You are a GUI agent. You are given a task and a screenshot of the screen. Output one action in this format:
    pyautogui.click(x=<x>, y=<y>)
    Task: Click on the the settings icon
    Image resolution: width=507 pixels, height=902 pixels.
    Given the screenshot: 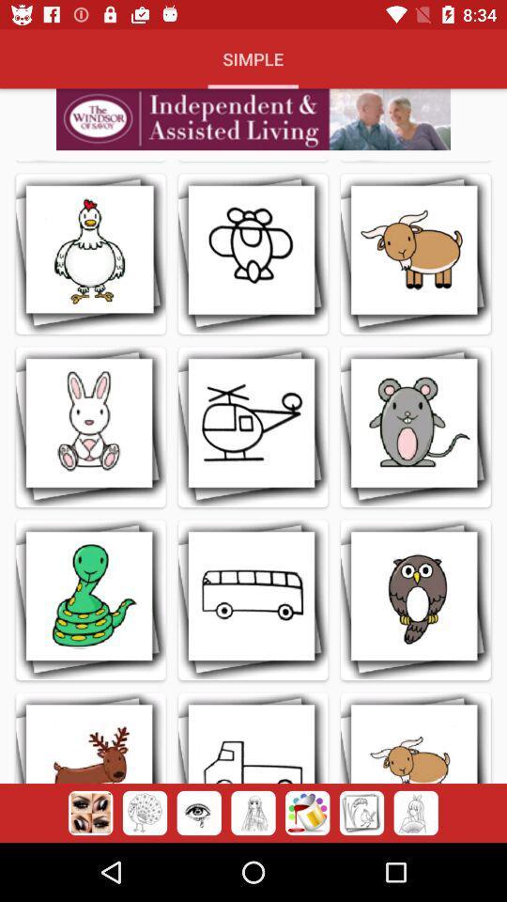 What is the action you would take?
    pyautogui.click(x=144, y=812)
    